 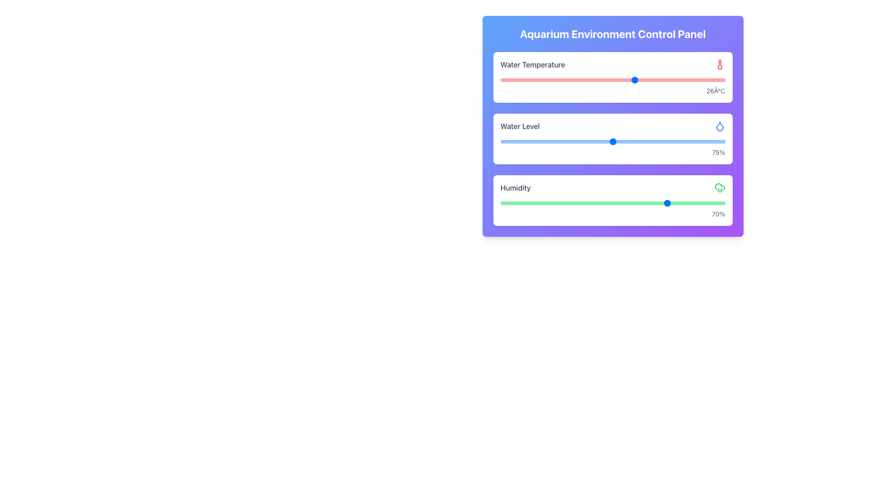 What do you see at coordinates (630, 141) in the screenshot?
I see `the water level` at bounding box center [630, 141].